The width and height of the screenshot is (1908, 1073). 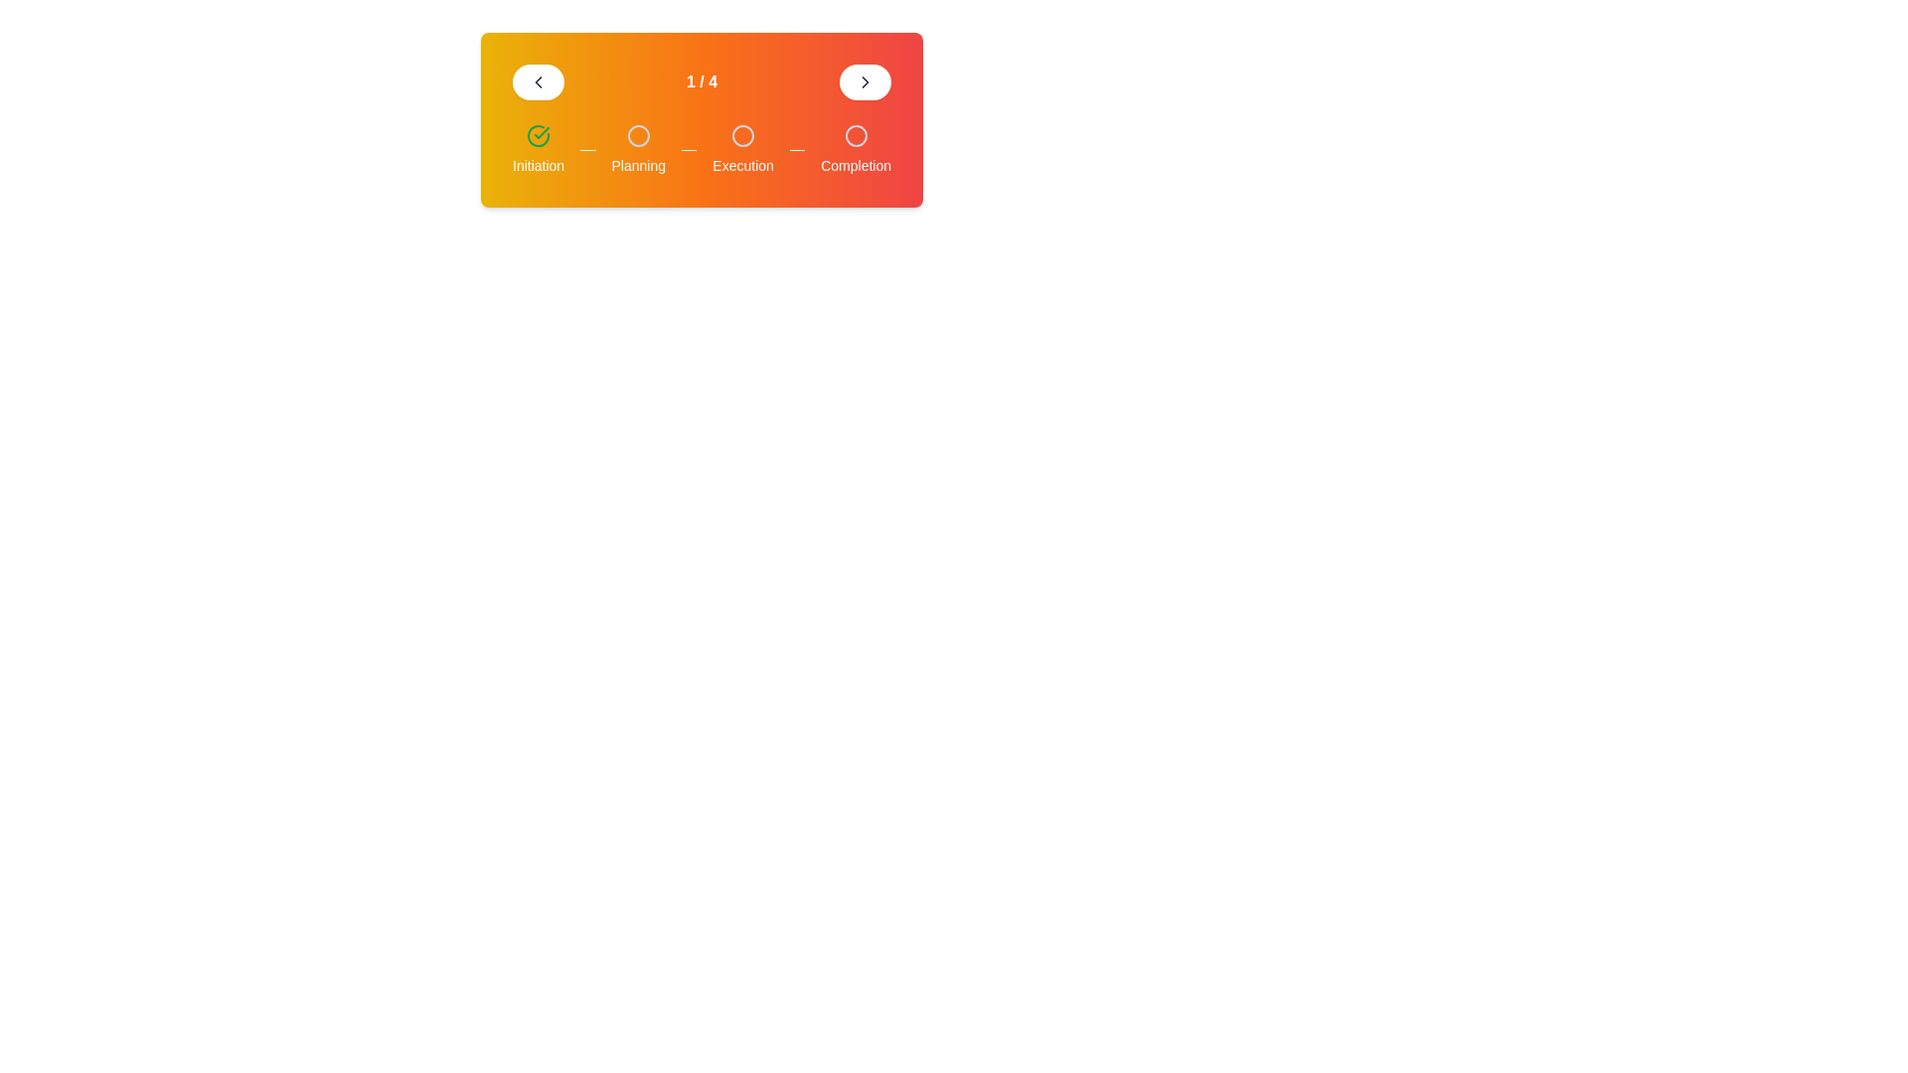 What do you see at coordinates (539, 148) in the screenshot?
I see `the Interactive status step indicator, which features a green check mark circle icon and the text 'Initiation' on a gradient background from yellow to orange, located at the leftmost end of the step sequence` at bounding box center [539, 148].